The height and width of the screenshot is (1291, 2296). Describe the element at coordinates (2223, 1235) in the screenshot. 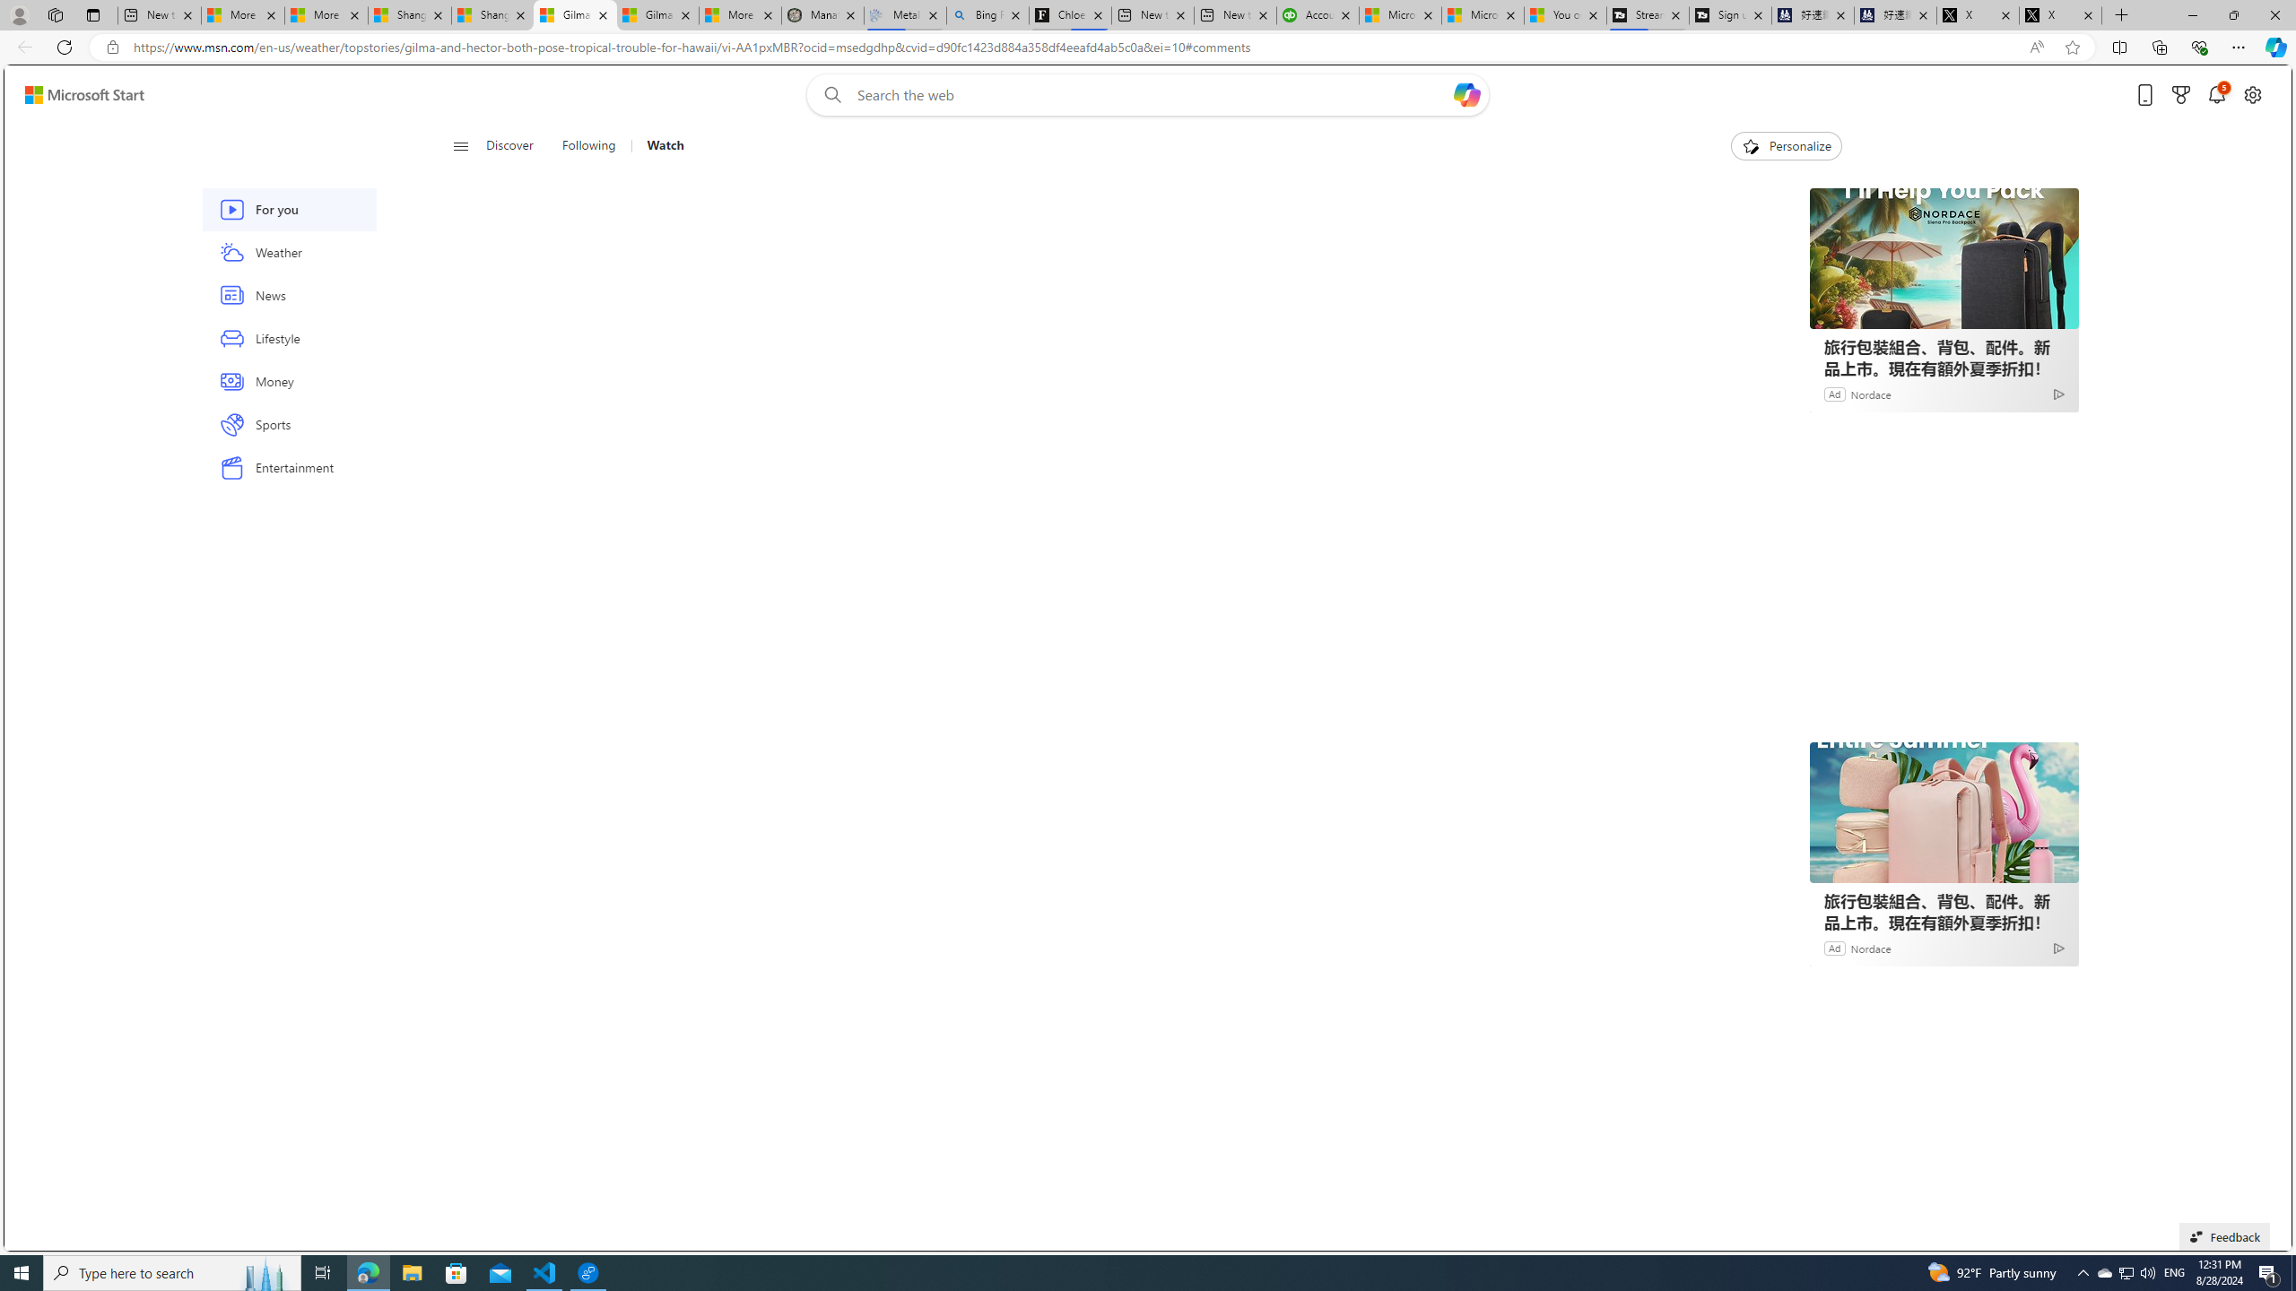

I see `'Feedback'` at that location.